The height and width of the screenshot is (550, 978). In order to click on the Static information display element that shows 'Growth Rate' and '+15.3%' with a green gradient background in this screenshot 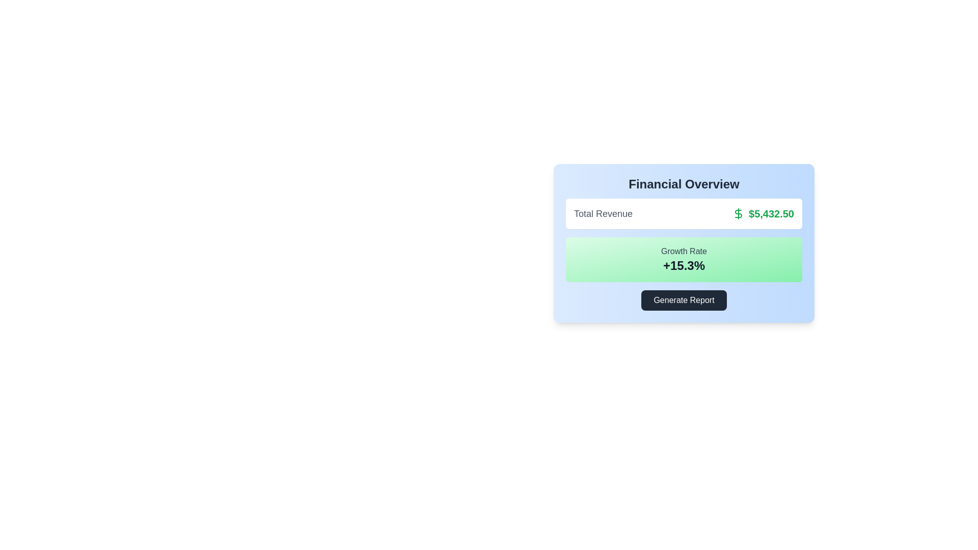, I will do `click(684, 259)`.